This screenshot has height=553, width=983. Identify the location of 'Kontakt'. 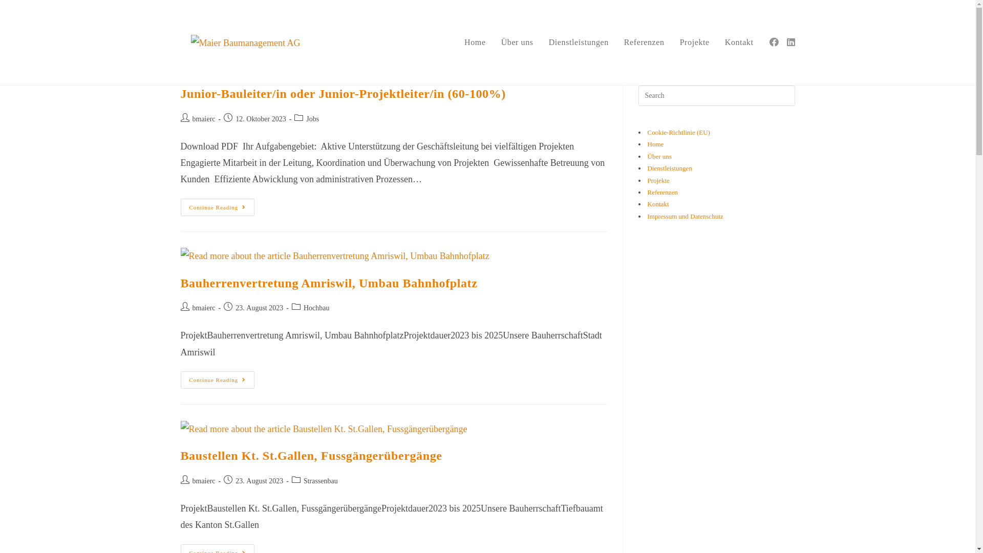
(646, 204).